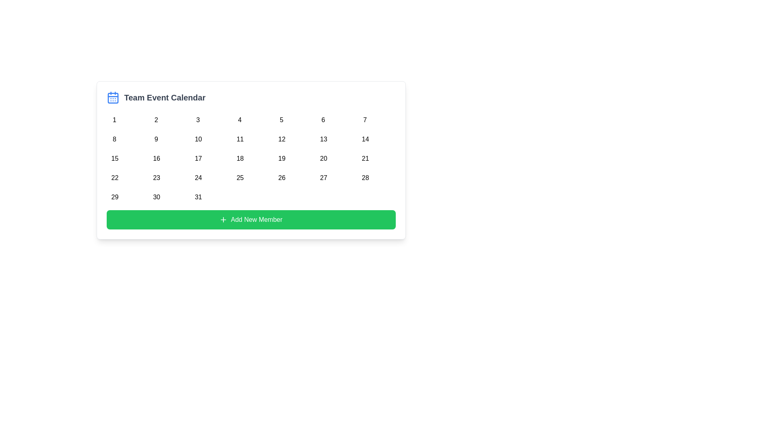 The height and width of the screenshot is (434, 773). I want to click on the square-shaped button labeled '22' in the fourth row and first column of the calendar grid, so click(114, 176).